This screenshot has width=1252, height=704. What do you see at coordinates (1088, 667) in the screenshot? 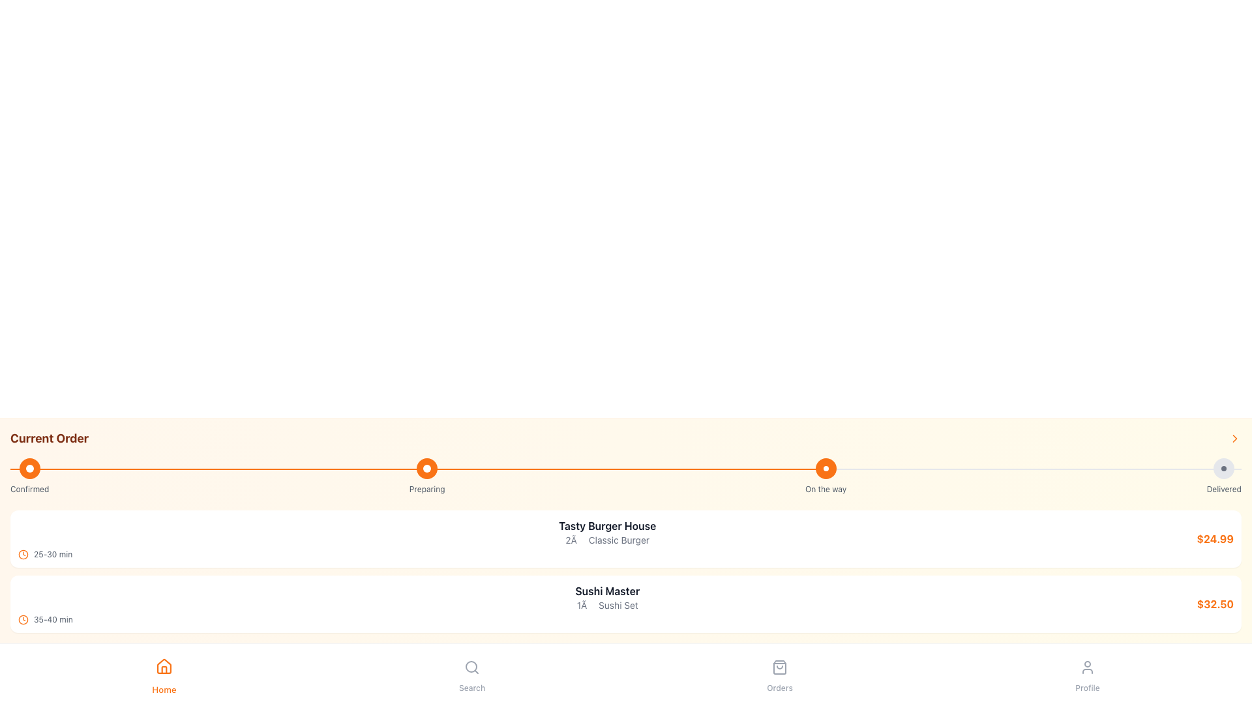
I see `the 'Profile' icon button located in the bottom navigation bar` at bounding box center [1088, 667].